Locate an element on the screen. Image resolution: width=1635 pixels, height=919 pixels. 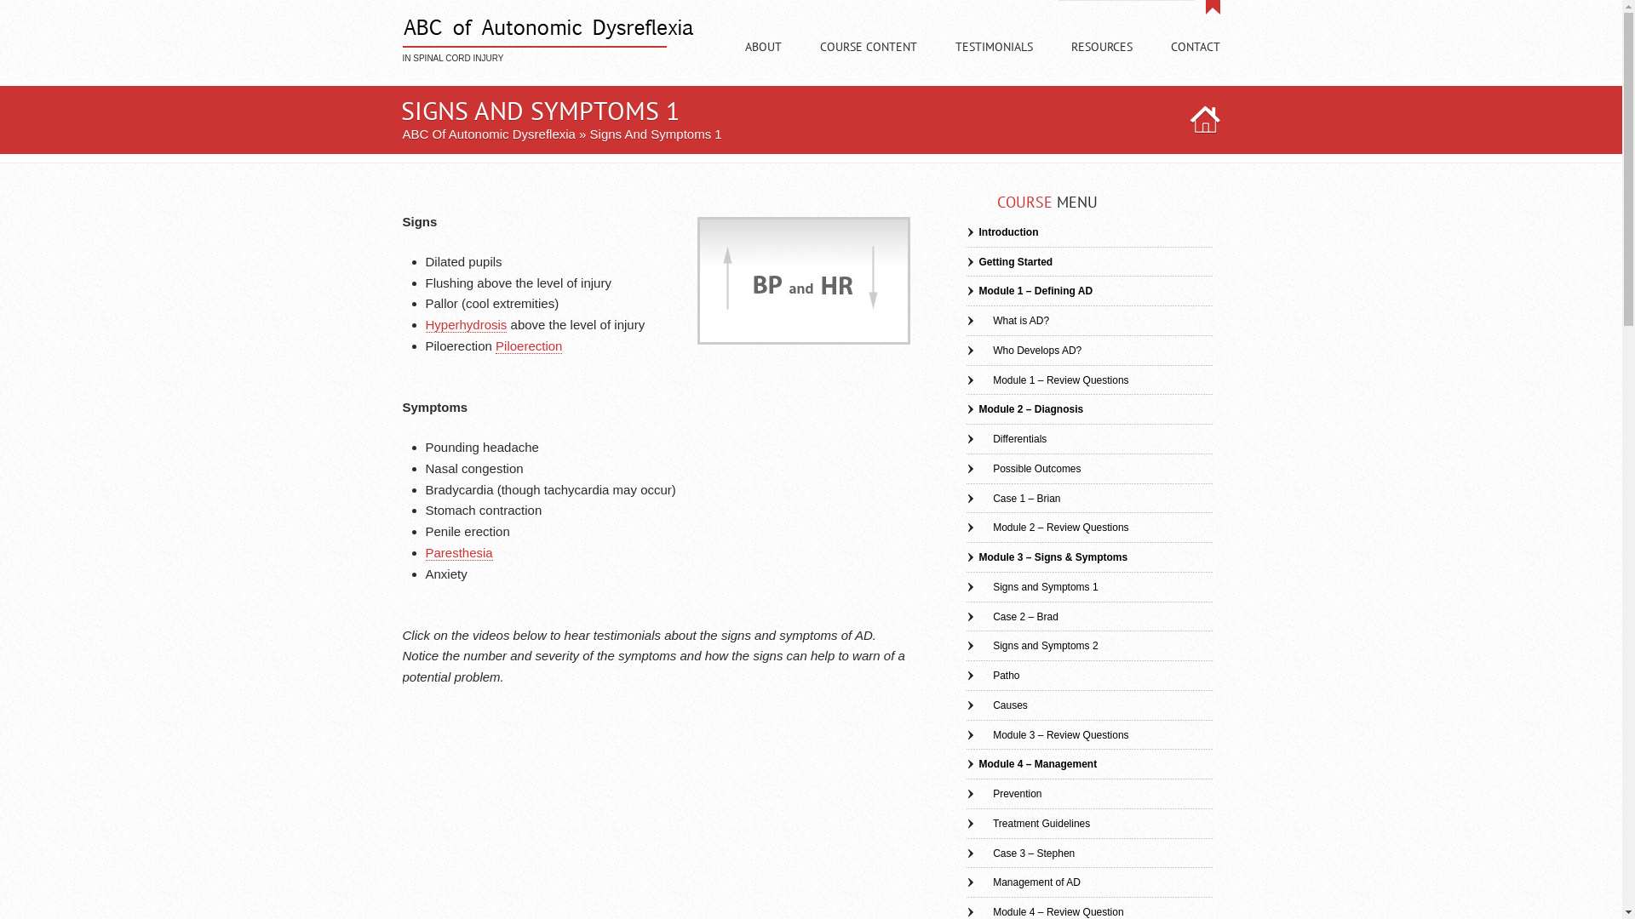
'Hyperhydrosis' is located at coordinates (466, 324).